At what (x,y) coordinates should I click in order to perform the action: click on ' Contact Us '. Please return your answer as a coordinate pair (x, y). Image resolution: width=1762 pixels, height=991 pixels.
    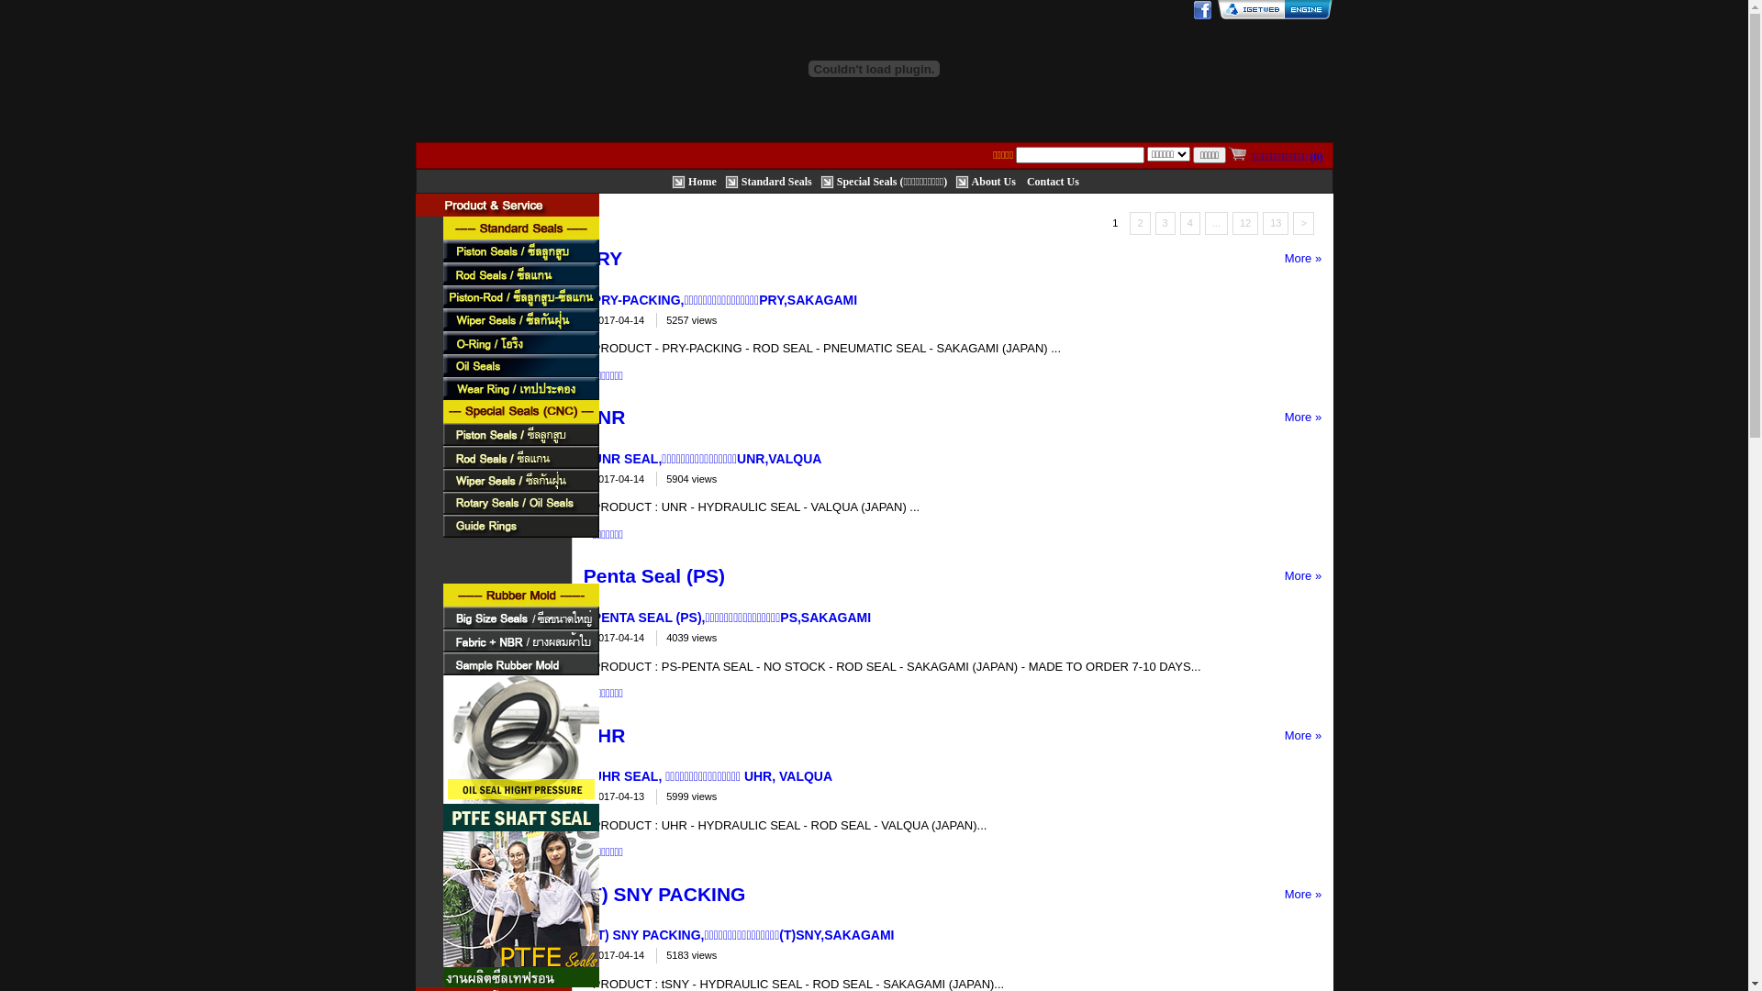
    Looking at the image, I should click on (1053, 180).